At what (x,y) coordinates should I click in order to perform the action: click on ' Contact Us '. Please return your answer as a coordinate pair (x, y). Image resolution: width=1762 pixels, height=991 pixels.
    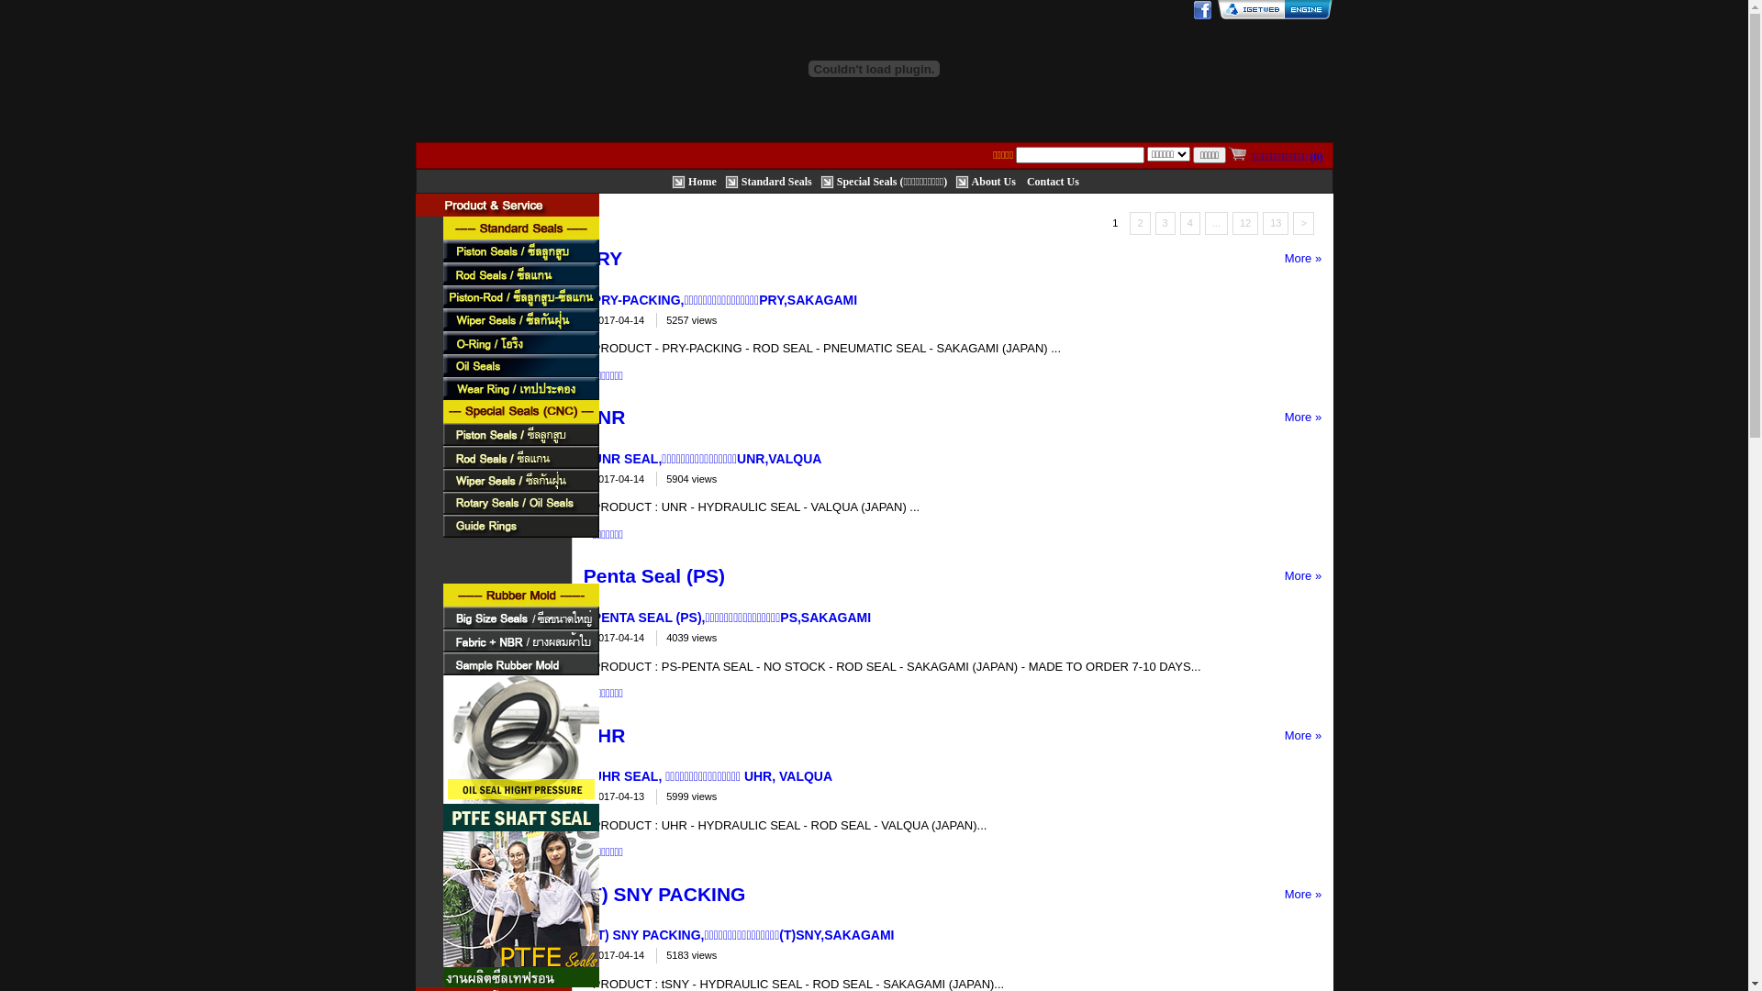
    Looking at the image, I should click on (1053, 180).